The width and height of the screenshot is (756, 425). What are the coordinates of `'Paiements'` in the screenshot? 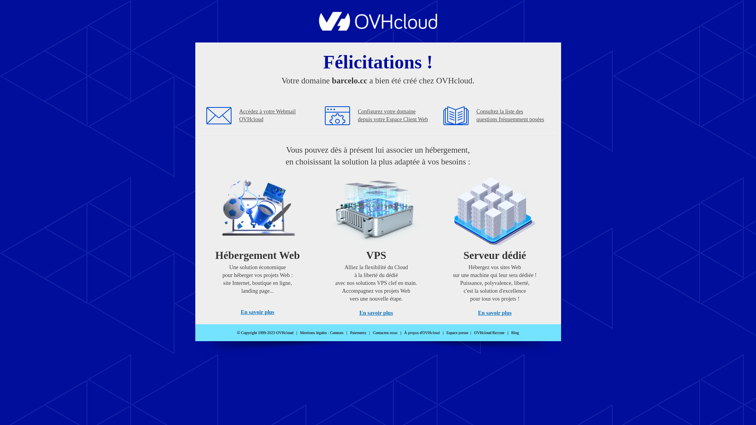 It's located at (358, 333).